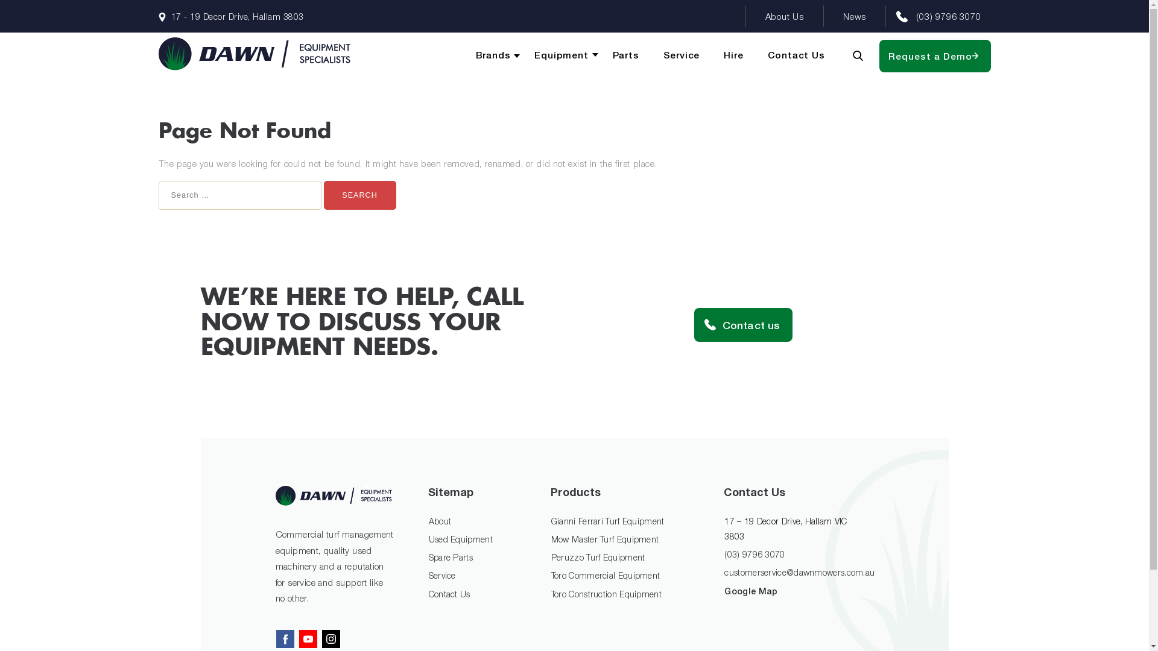  I want to click on 'customerservice@dawnmowers.com.au', so click(799, 571).